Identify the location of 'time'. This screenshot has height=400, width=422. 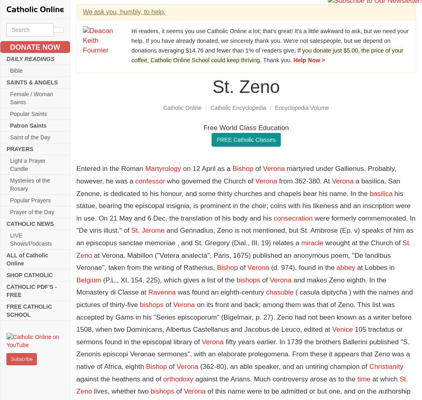
(363, 378).